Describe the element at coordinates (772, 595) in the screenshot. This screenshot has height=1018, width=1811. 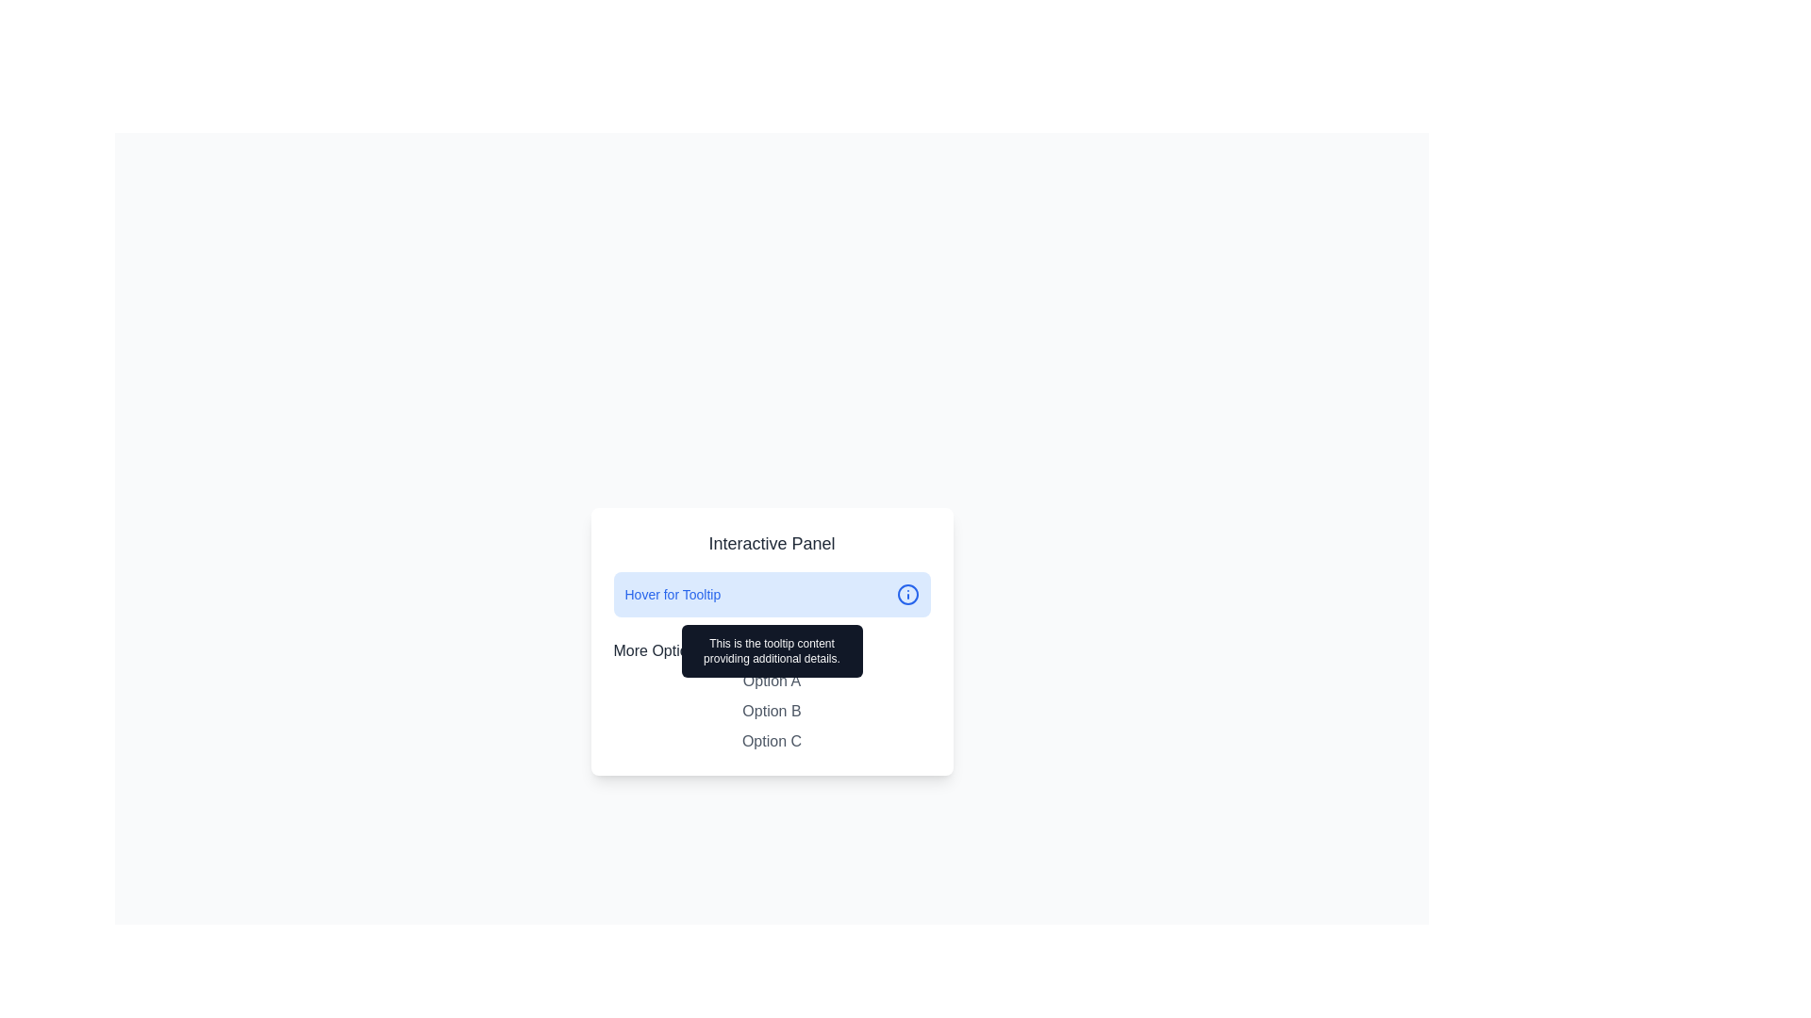
I see `the button labeled 'Hover for Tooltip'` at that location.